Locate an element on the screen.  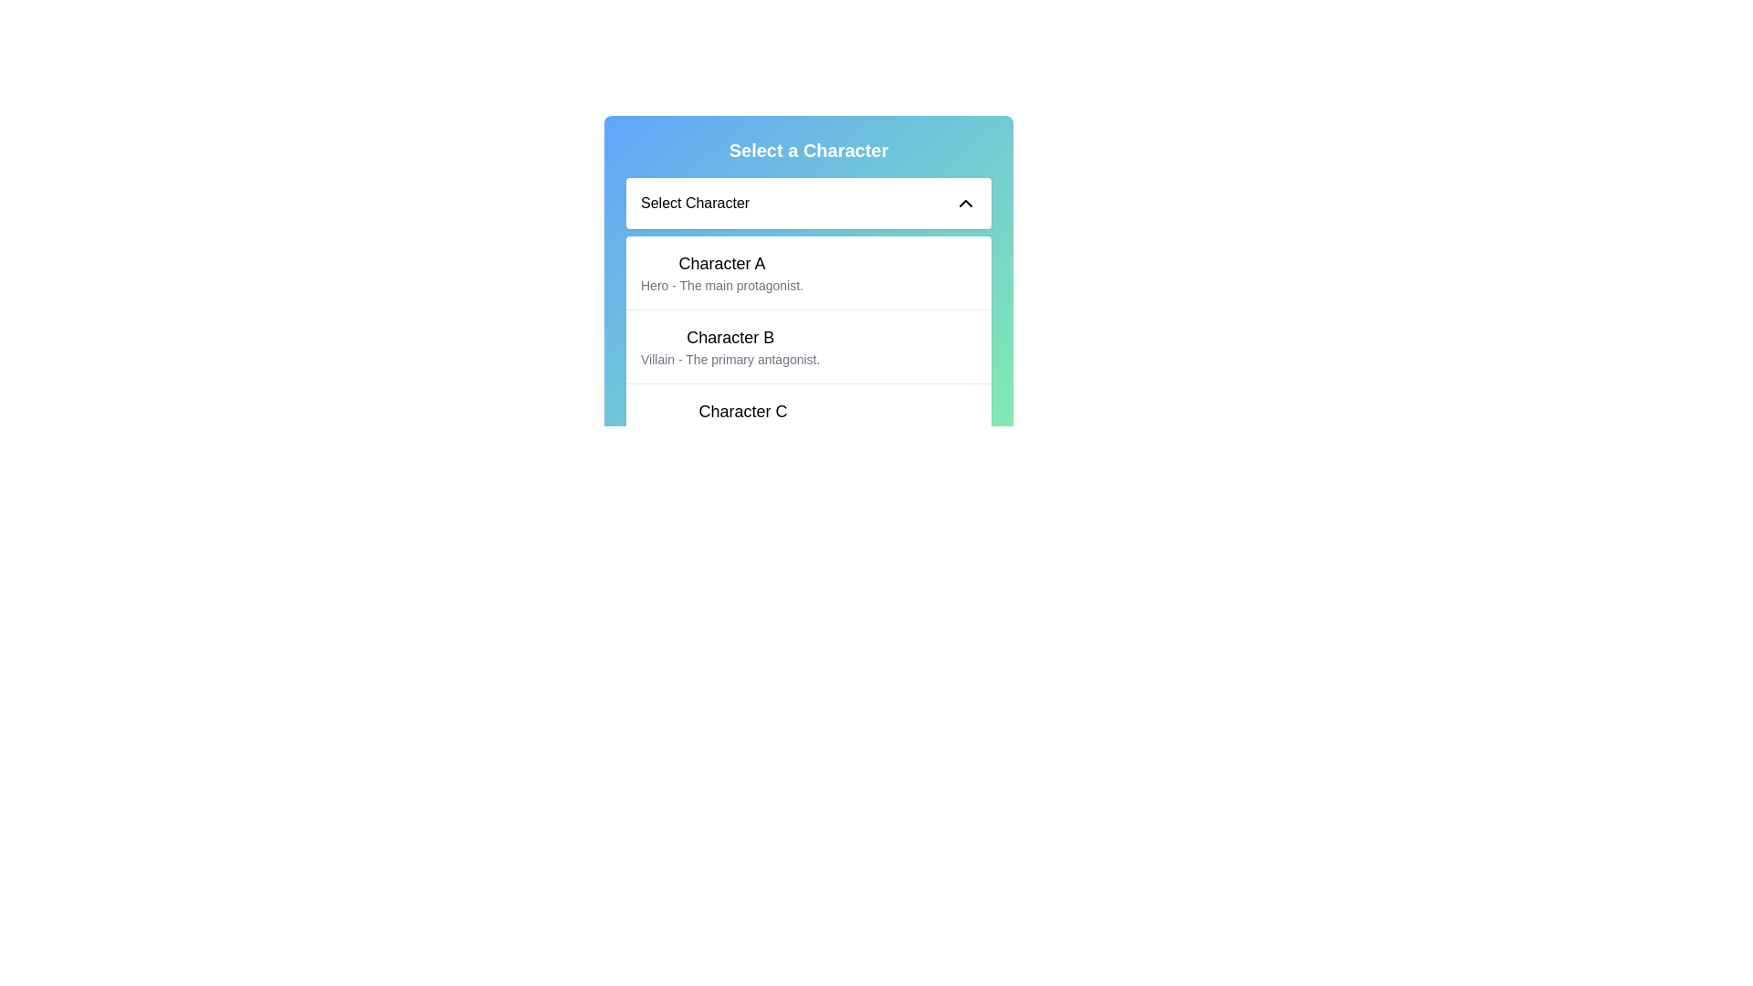
descriptive subtitle text displayed in a smaller, gray-colored font below the title 'Character A' in the dropdown menu is located at coordinates (721, 285).